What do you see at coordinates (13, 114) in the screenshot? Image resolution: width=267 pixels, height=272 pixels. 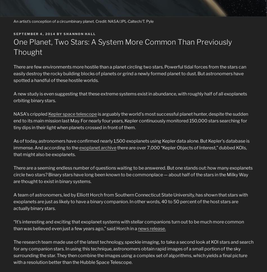 I see `'NASA’s crippled'` at bounding box center [13, 114].